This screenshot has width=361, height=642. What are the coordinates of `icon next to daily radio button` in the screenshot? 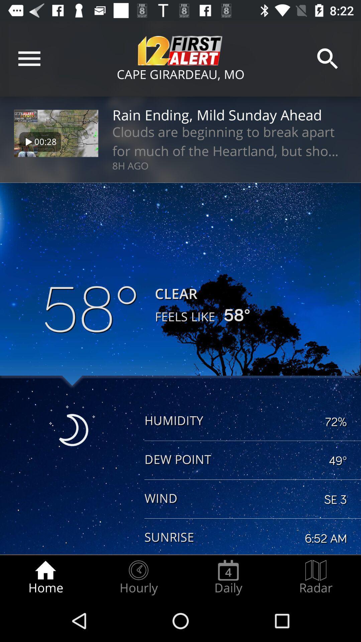 It's located at (316, 577).